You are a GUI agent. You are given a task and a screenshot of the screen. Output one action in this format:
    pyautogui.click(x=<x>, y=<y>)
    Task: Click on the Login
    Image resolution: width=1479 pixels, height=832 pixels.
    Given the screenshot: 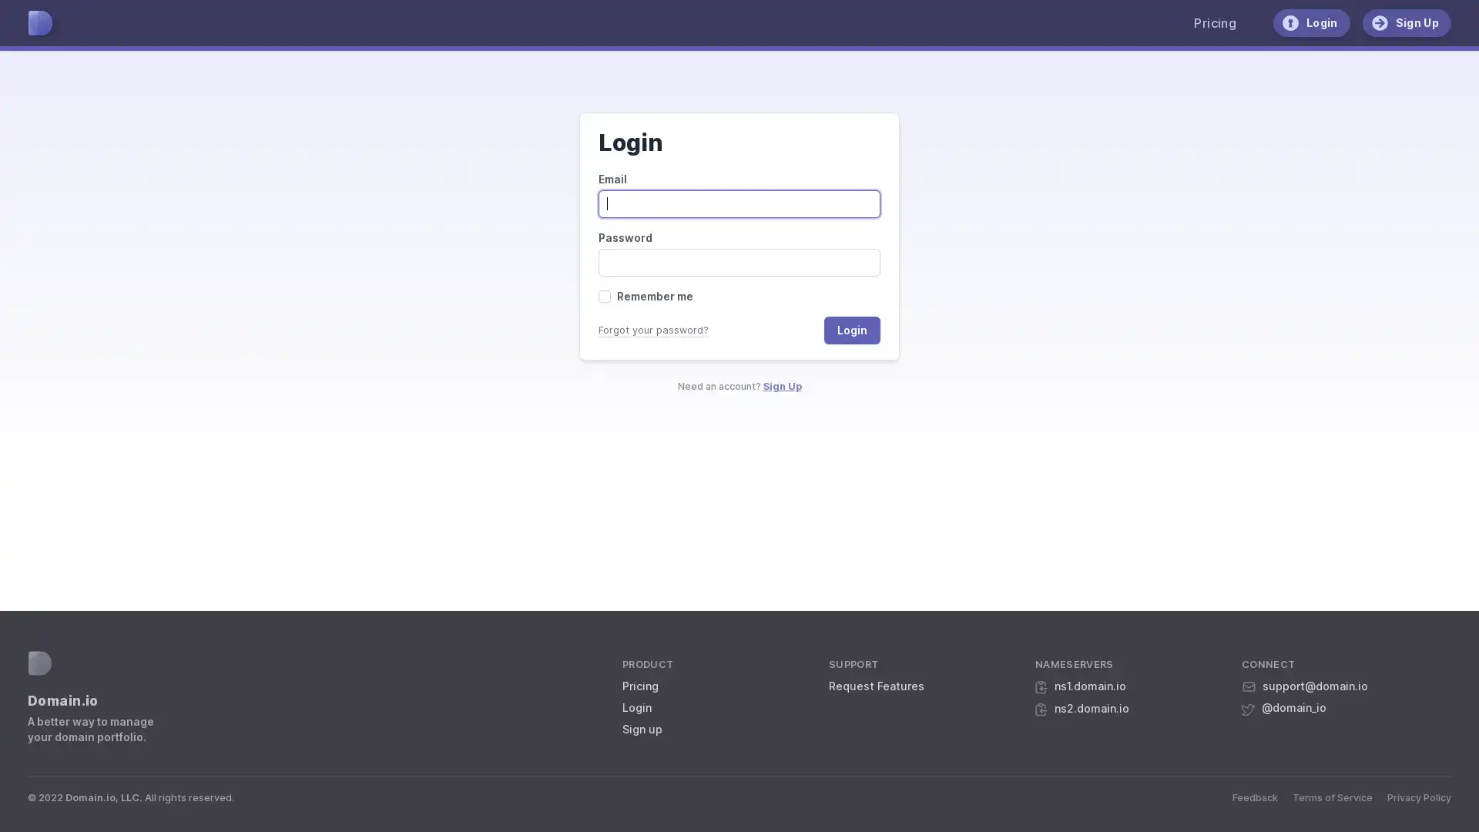 What is the action you would take?
    pyautogui.click(x=851, y=329)
    